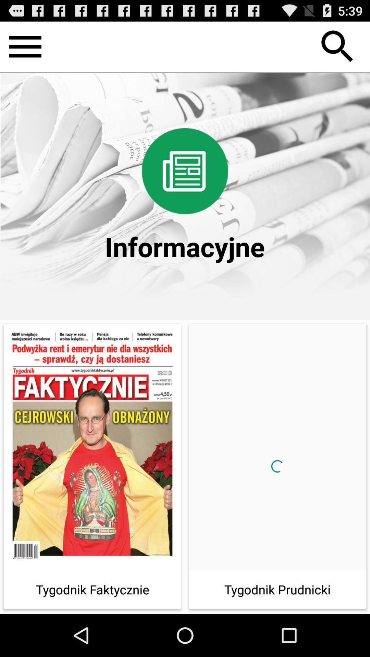  I want to click on open settings, so click(25, 46).